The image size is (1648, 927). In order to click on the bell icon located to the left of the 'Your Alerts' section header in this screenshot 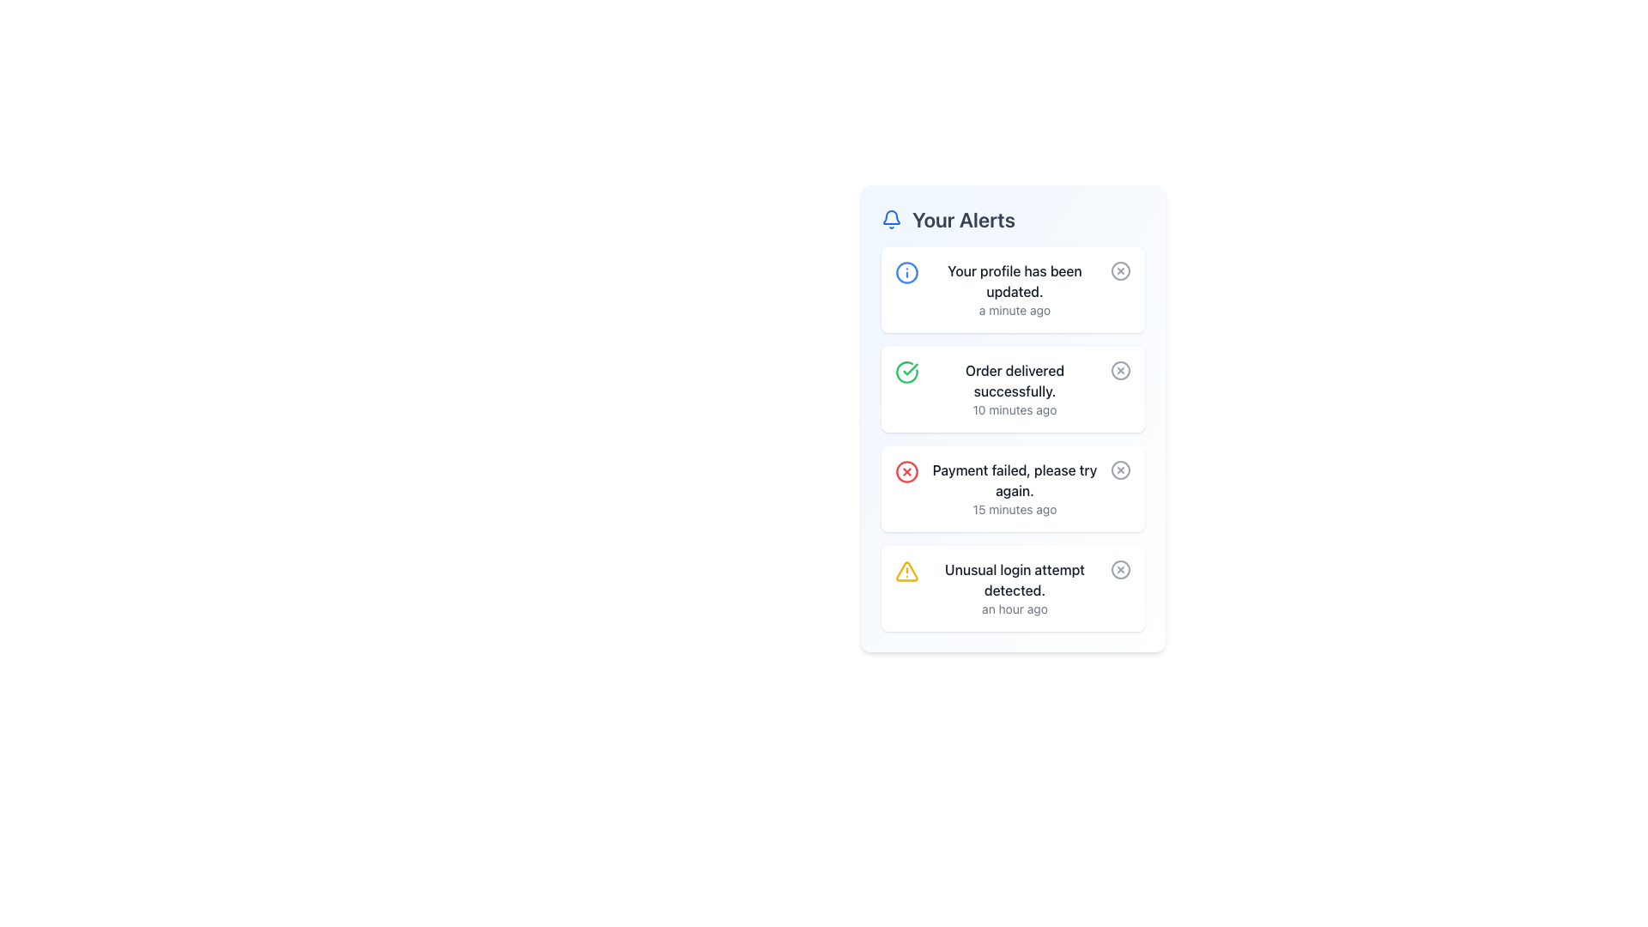, I will do `click(891, 218)`.